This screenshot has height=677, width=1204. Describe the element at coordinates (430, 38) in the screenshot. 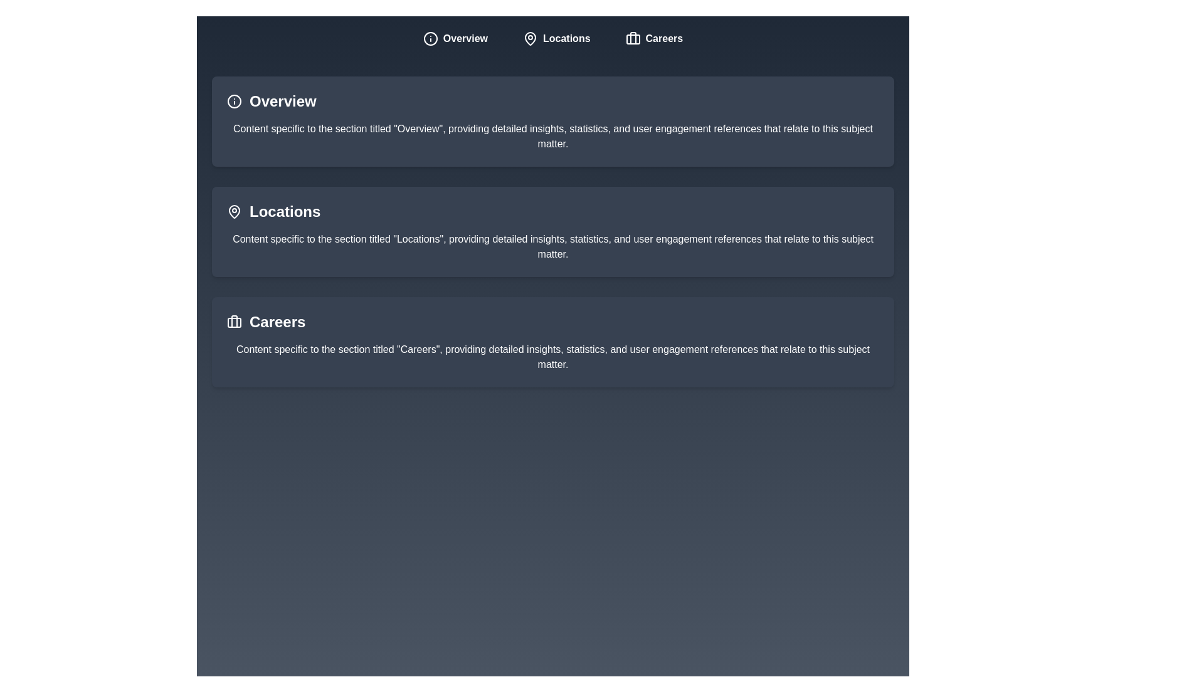

I see `the circular icon representing the 'Overview' section in the navigation bar` at that location.